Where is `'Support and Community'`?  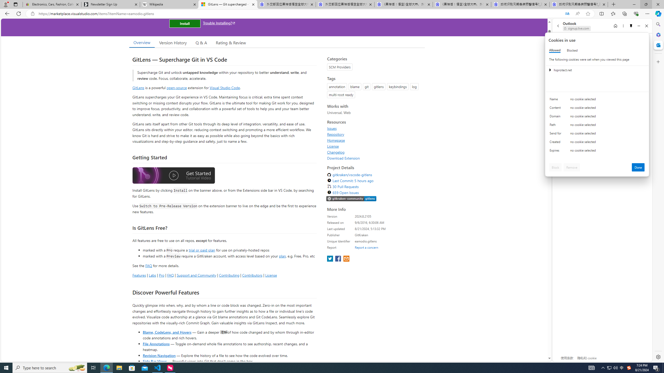
'Support and Community' is located at coordinates (196, 275).